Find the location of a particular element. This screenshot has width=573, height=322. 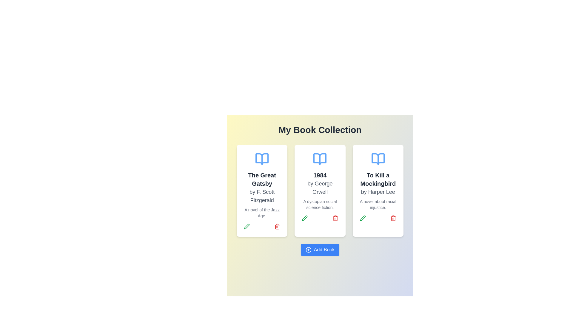

the static text element that reads 'A dystopian social science fiction.' located below the title '1984' and author 'by George Orwell' within the middle card of a three-card row layout is located at coordinates (320, 204).